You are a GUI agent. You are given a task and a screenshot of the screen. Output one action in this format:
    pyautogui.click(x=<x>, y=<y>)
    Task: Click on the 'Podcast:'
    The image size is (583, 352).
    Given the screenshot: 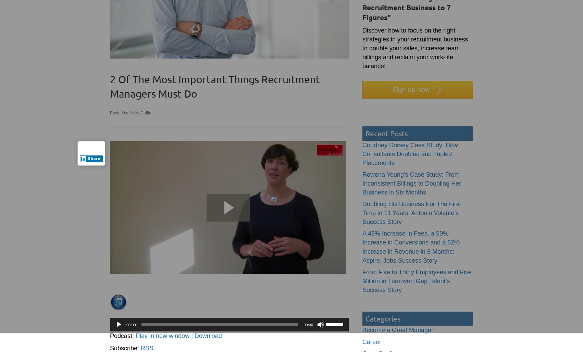 What is the action you would take?
    pyautogui.click(x=110, y=336)
    